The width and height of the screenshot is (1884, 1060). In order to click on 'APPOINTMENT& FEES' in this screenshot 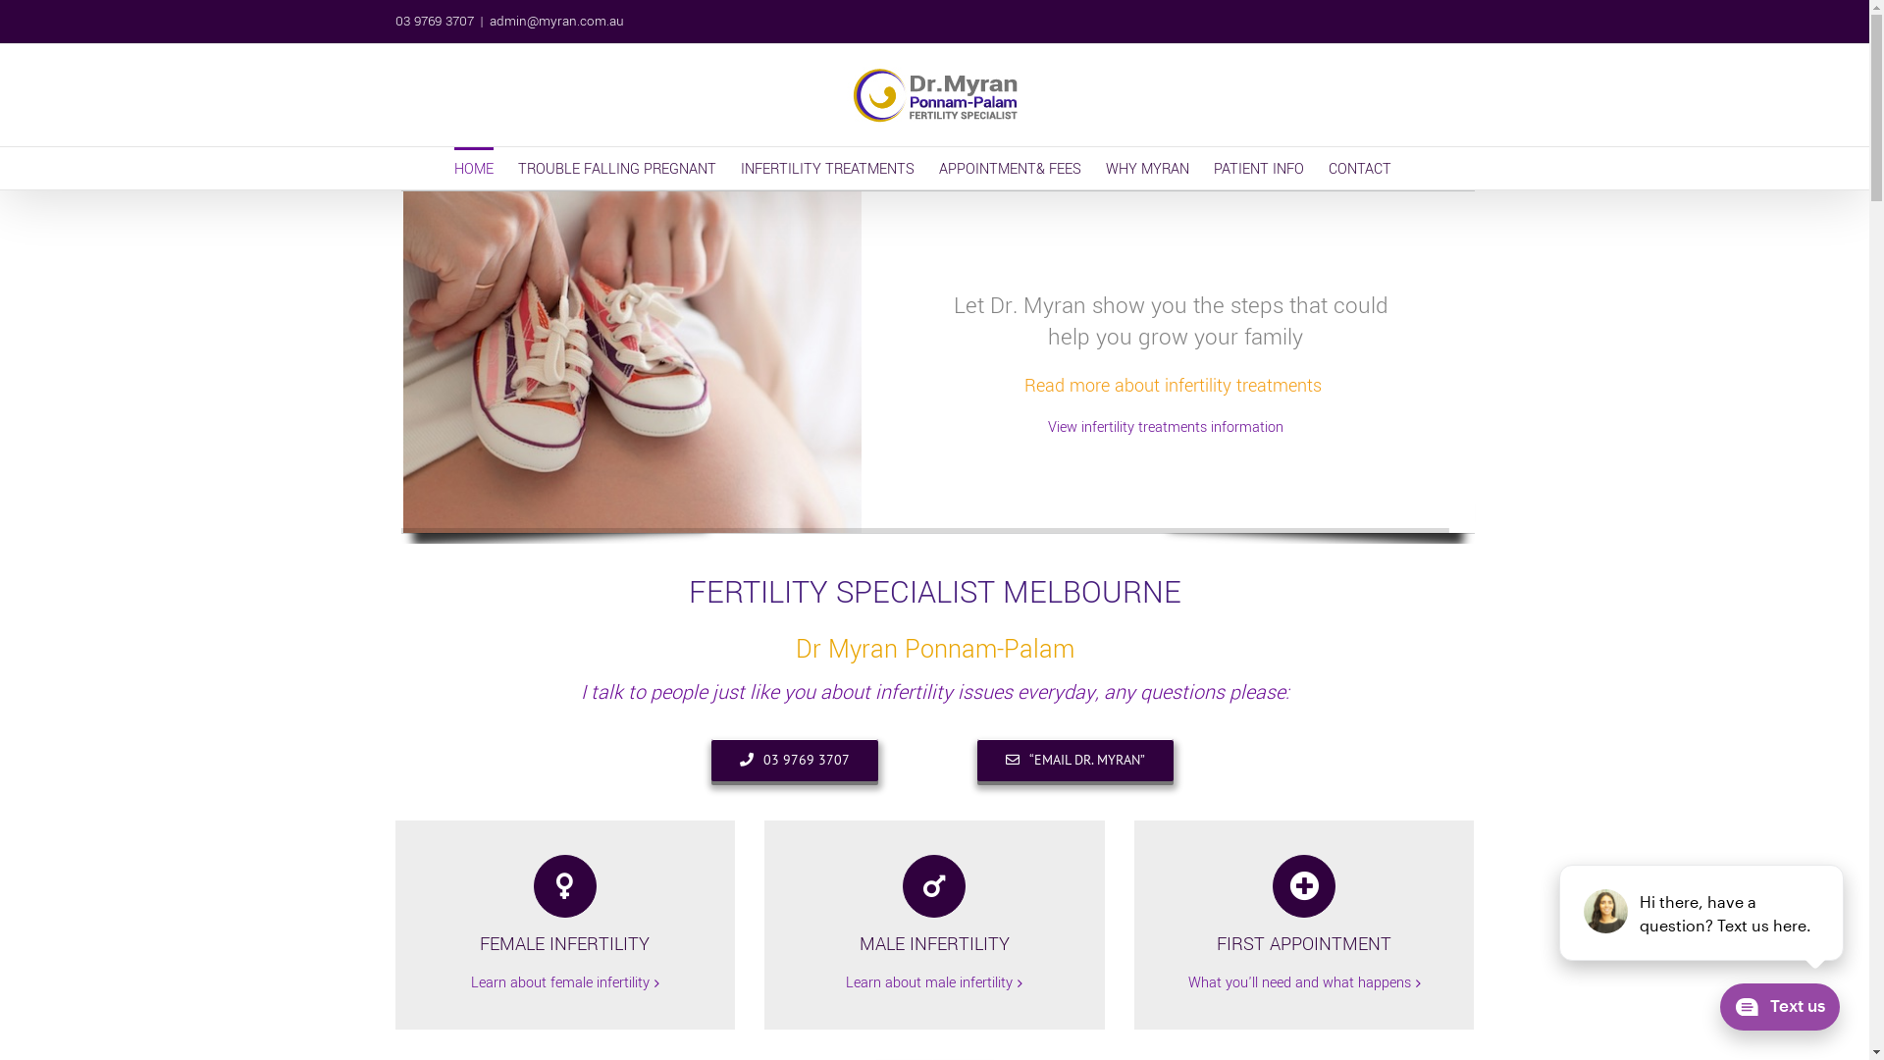, I will do `click(1009, 167)`.